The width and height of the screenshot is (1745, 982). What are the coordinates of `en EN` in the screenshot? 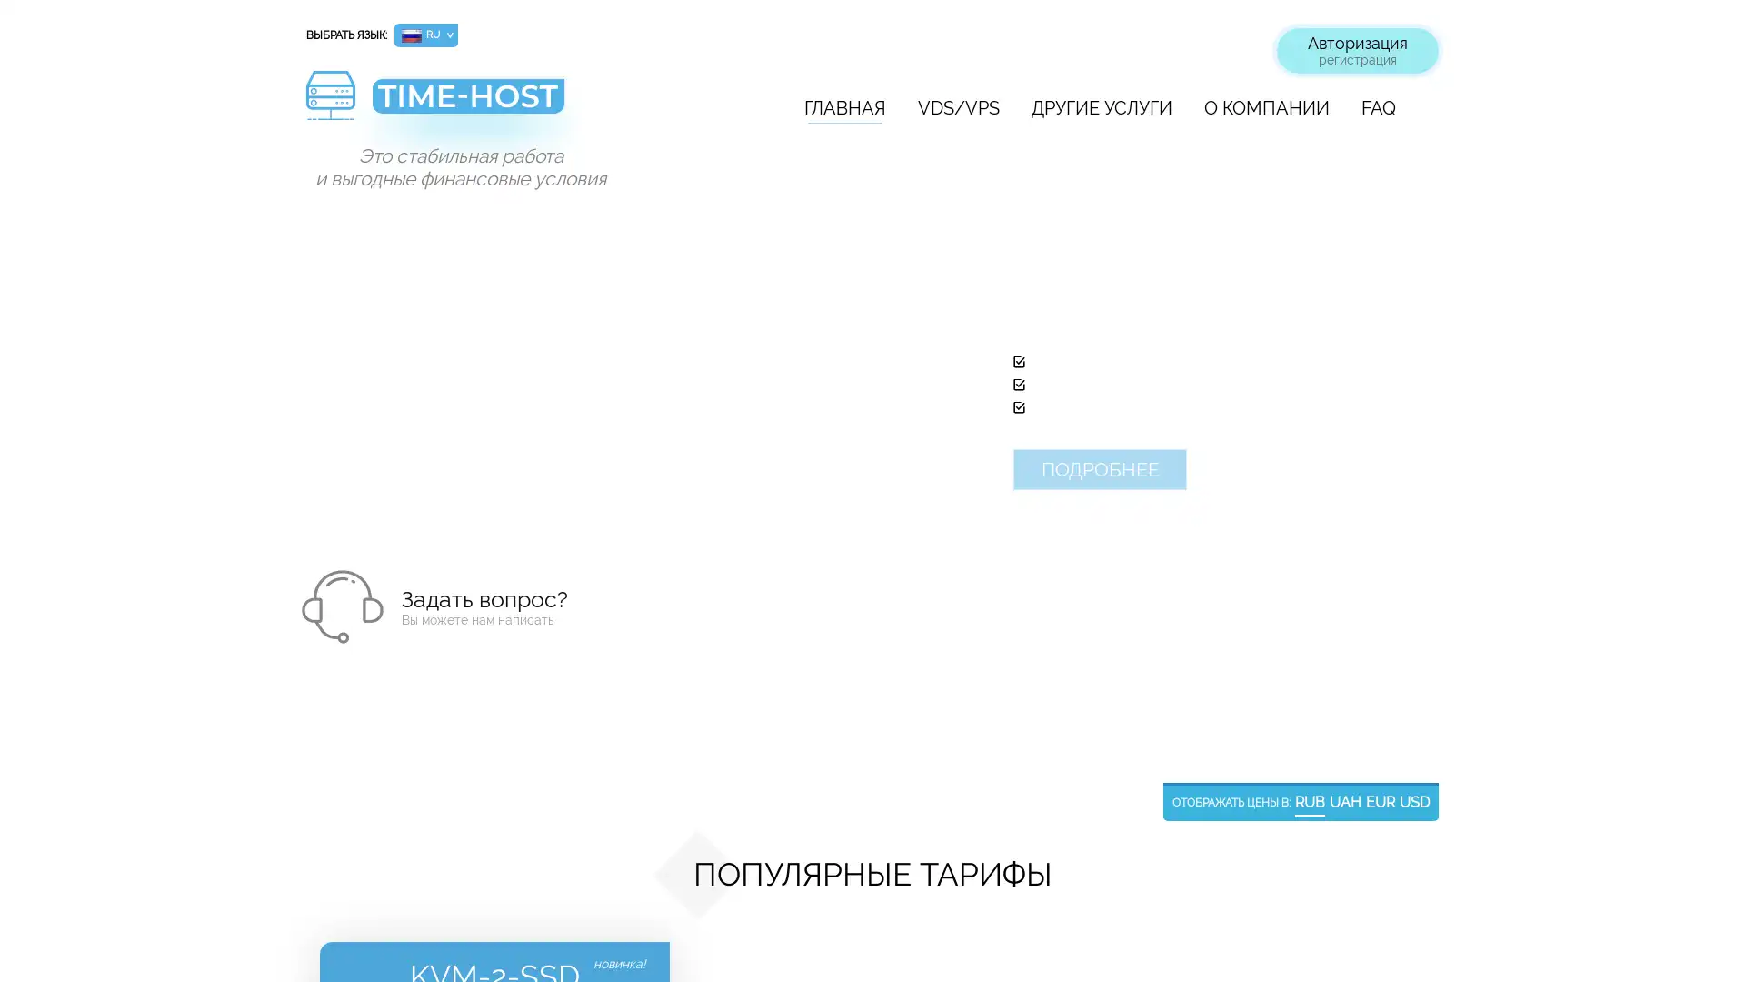 It's located at (425, 58).